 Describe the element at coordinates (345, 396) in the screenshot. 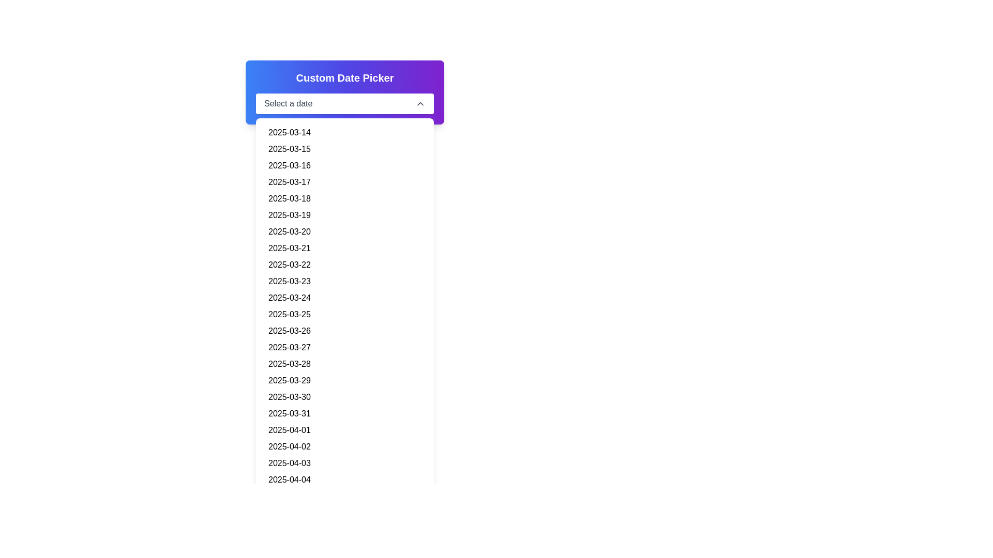

I see `the list item displaying the date '2025-03-30'` at that location.